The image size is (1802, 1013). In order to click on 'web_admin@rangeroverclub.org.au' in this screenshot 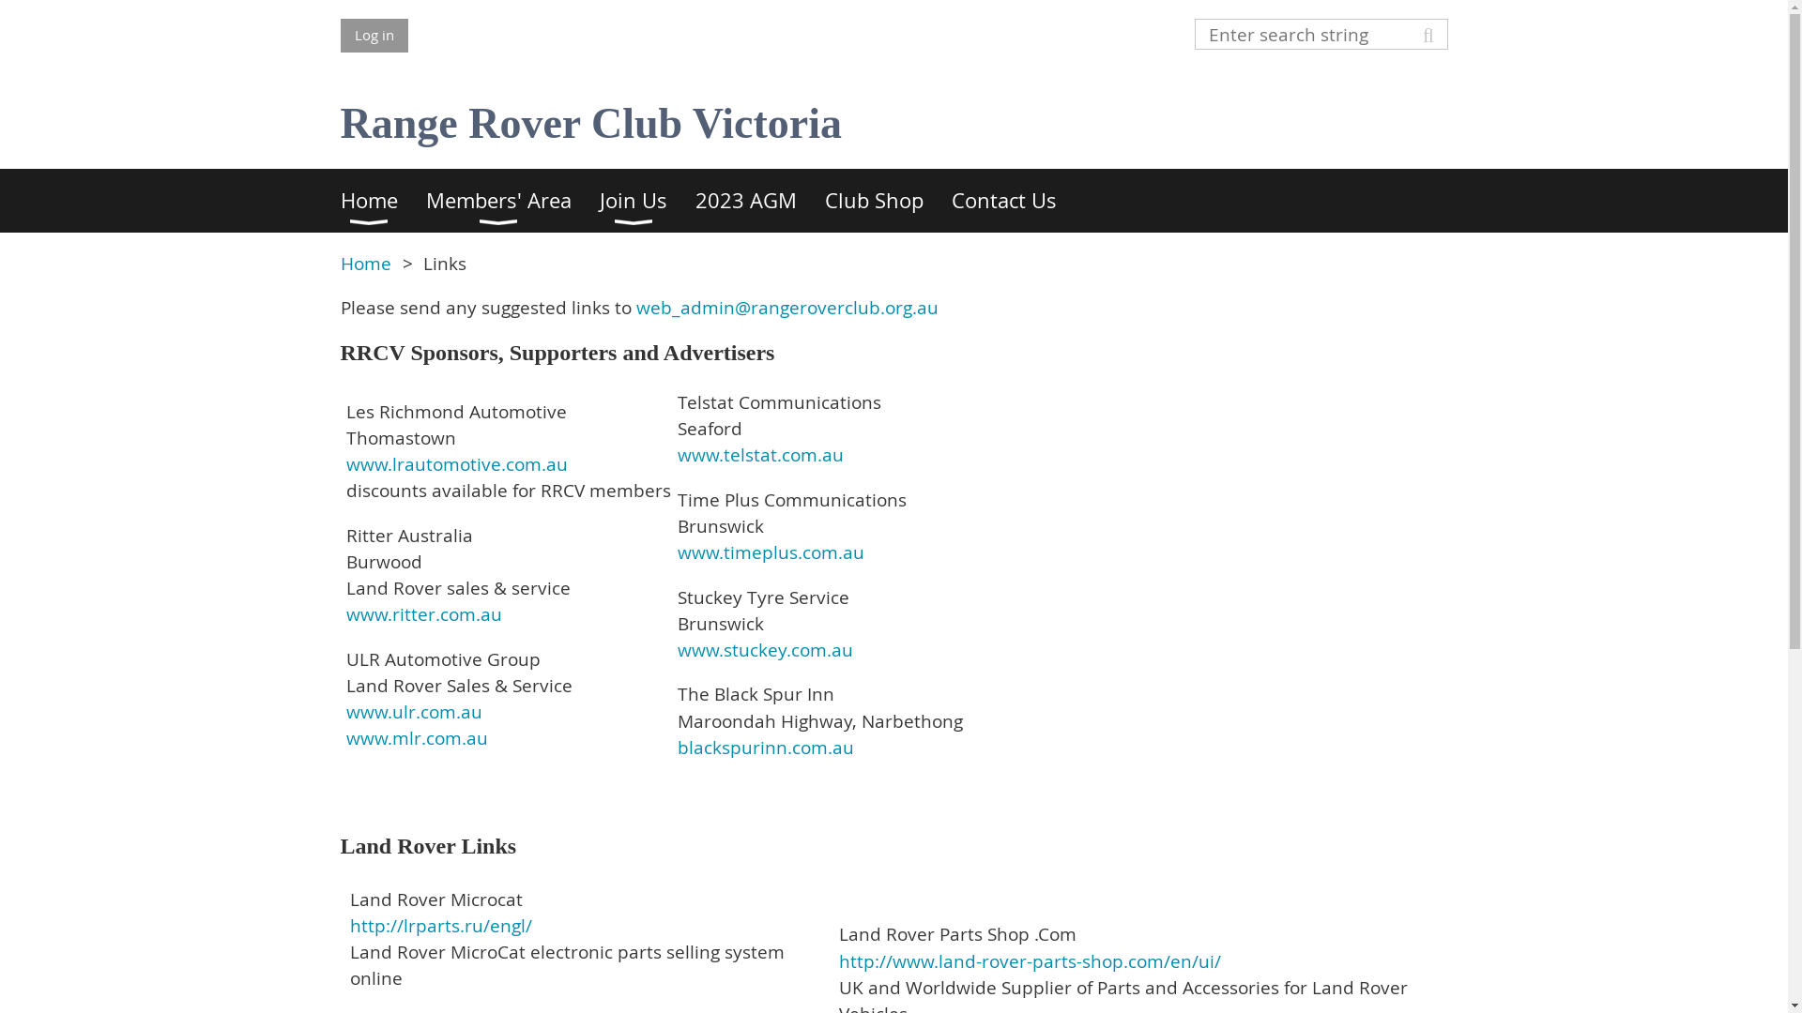, I will do `click(787, 306)`.